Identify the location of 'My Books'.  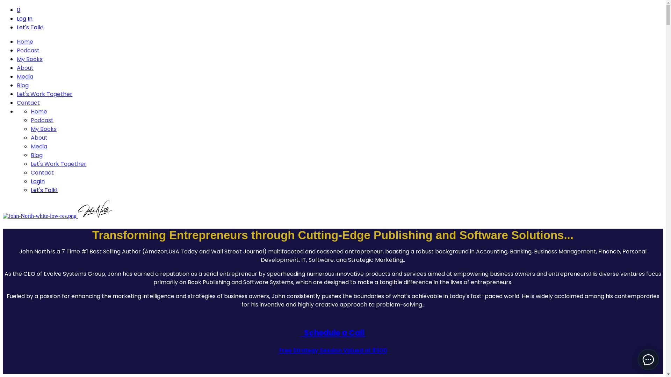
(29, 59).